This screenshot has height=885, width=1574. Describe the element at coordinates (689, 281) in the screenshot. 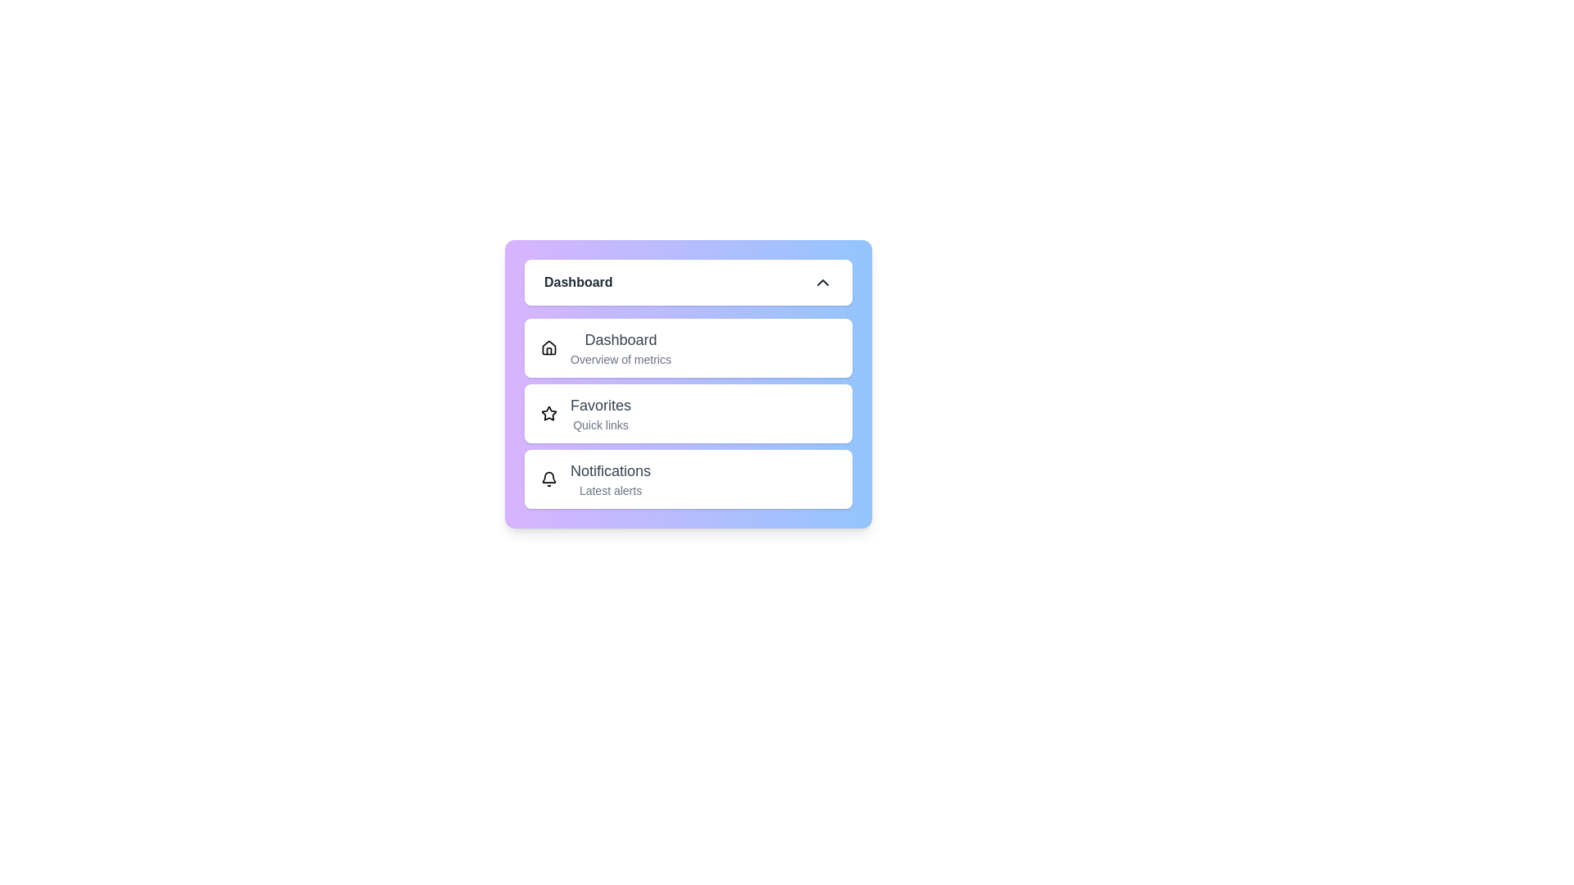

I see `toggle button to change the menu visibility` at that location.